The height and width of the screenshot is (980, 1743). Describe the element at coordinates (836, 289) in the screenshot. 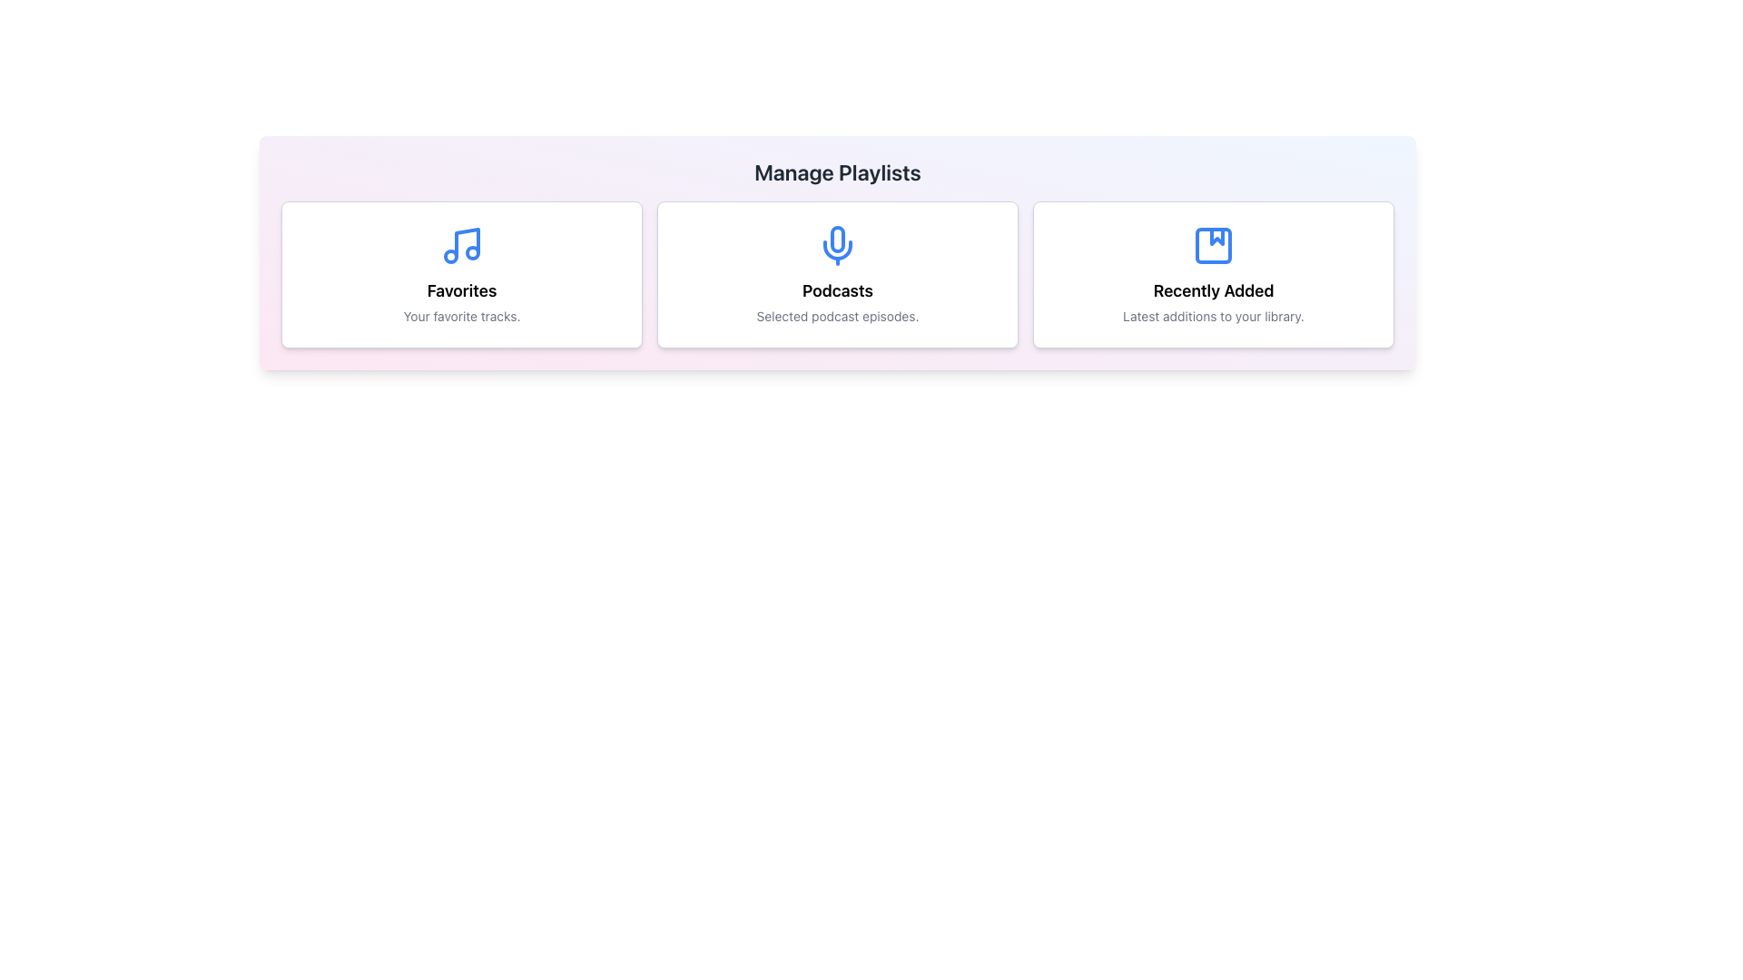

I see `text label that serves as the title for the Podcasts section, located in the central column of the interface, beneath the microphone icon` at that location.